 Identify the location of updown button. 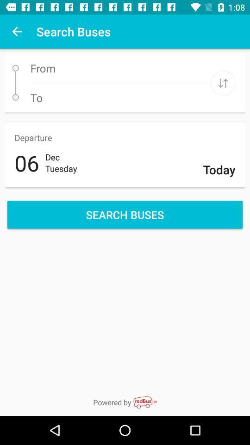
(223, 83).